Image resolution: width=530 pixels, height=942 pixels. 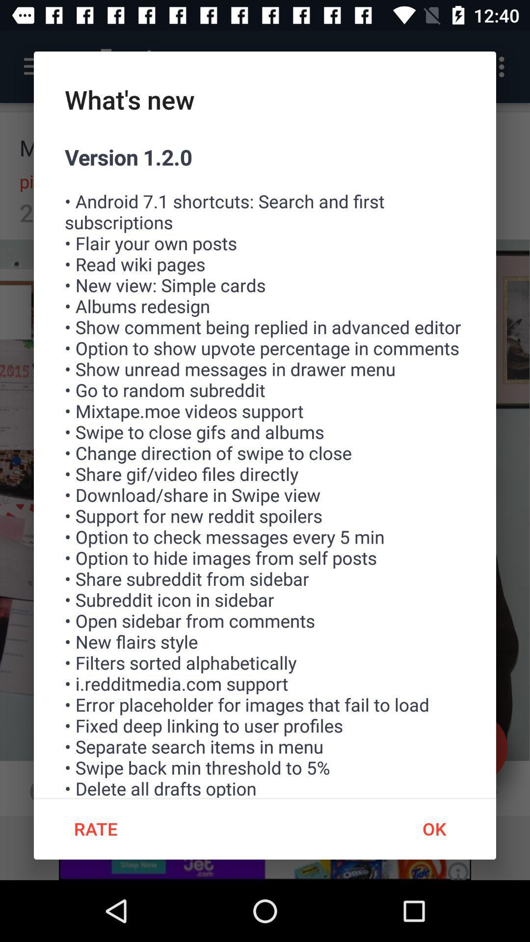 I want to click on the icon to the left of ok, so click(x=96, y=828).